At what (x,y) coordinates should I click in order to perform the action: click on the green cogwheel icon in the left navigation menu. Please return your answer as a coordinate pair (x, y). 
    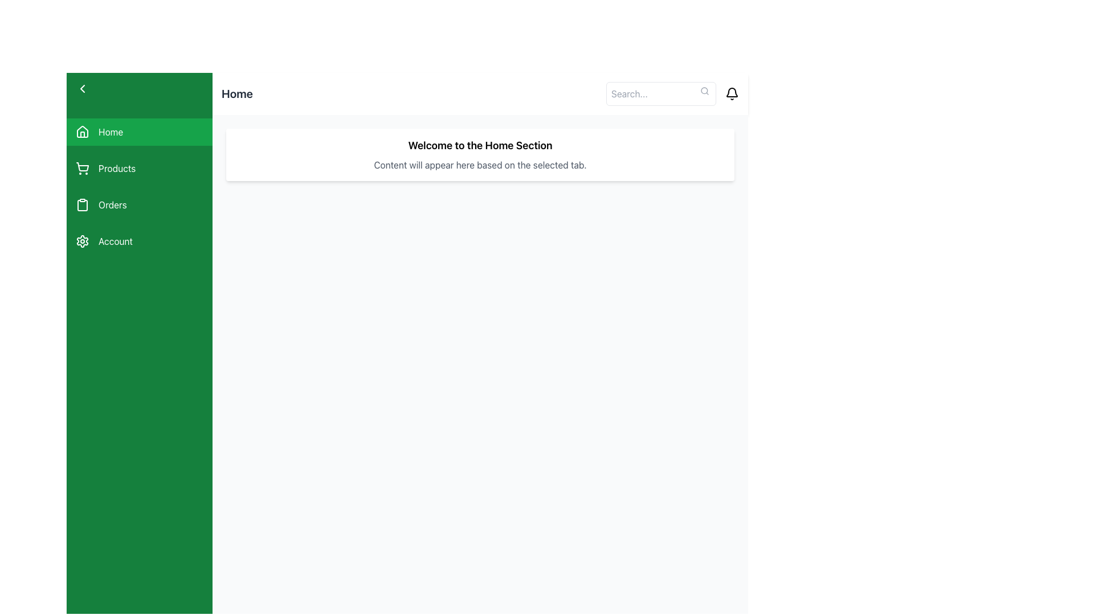
    Looking at the image, I should click on (81, 241).